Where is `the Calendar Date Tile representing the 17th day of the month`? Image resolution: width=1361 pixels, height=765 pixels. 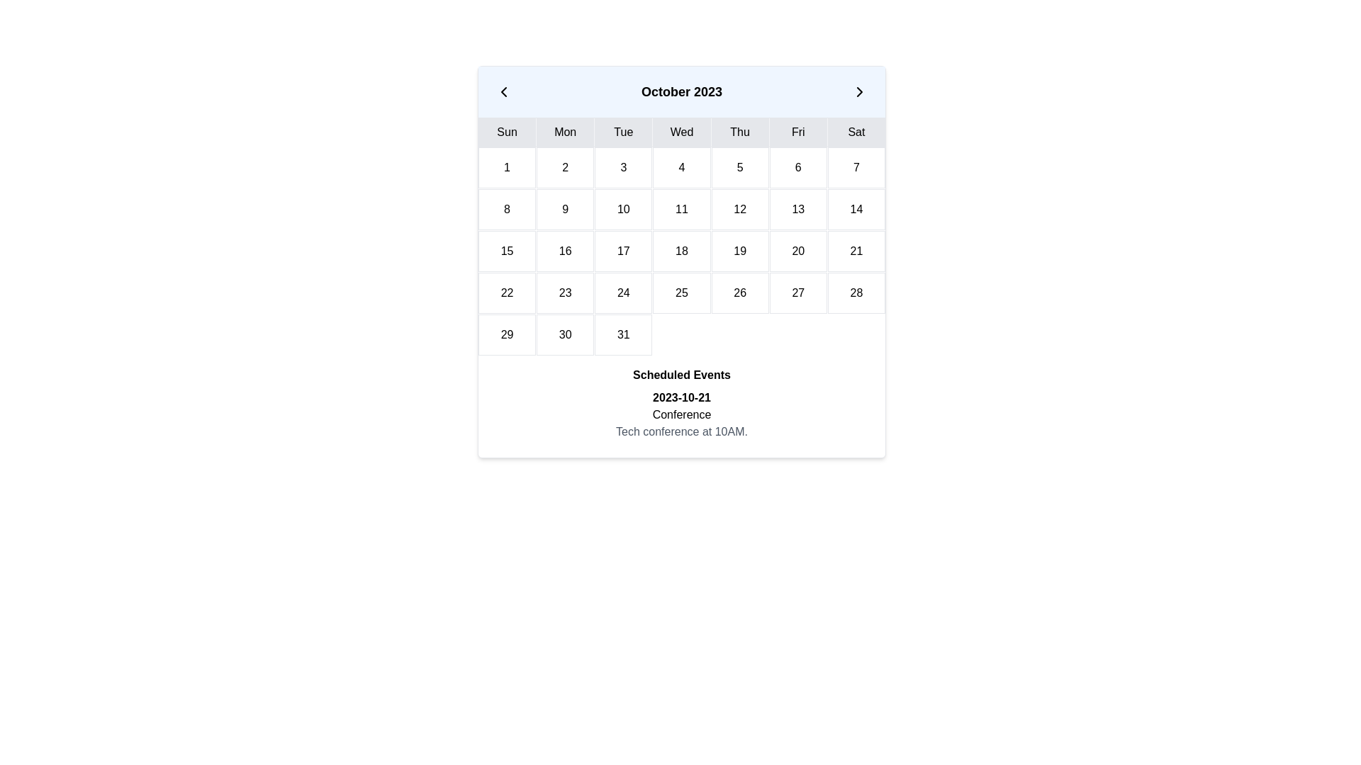
the Calendar Date Tile representing the 17th day of the month is located at coordinates (623, 250).